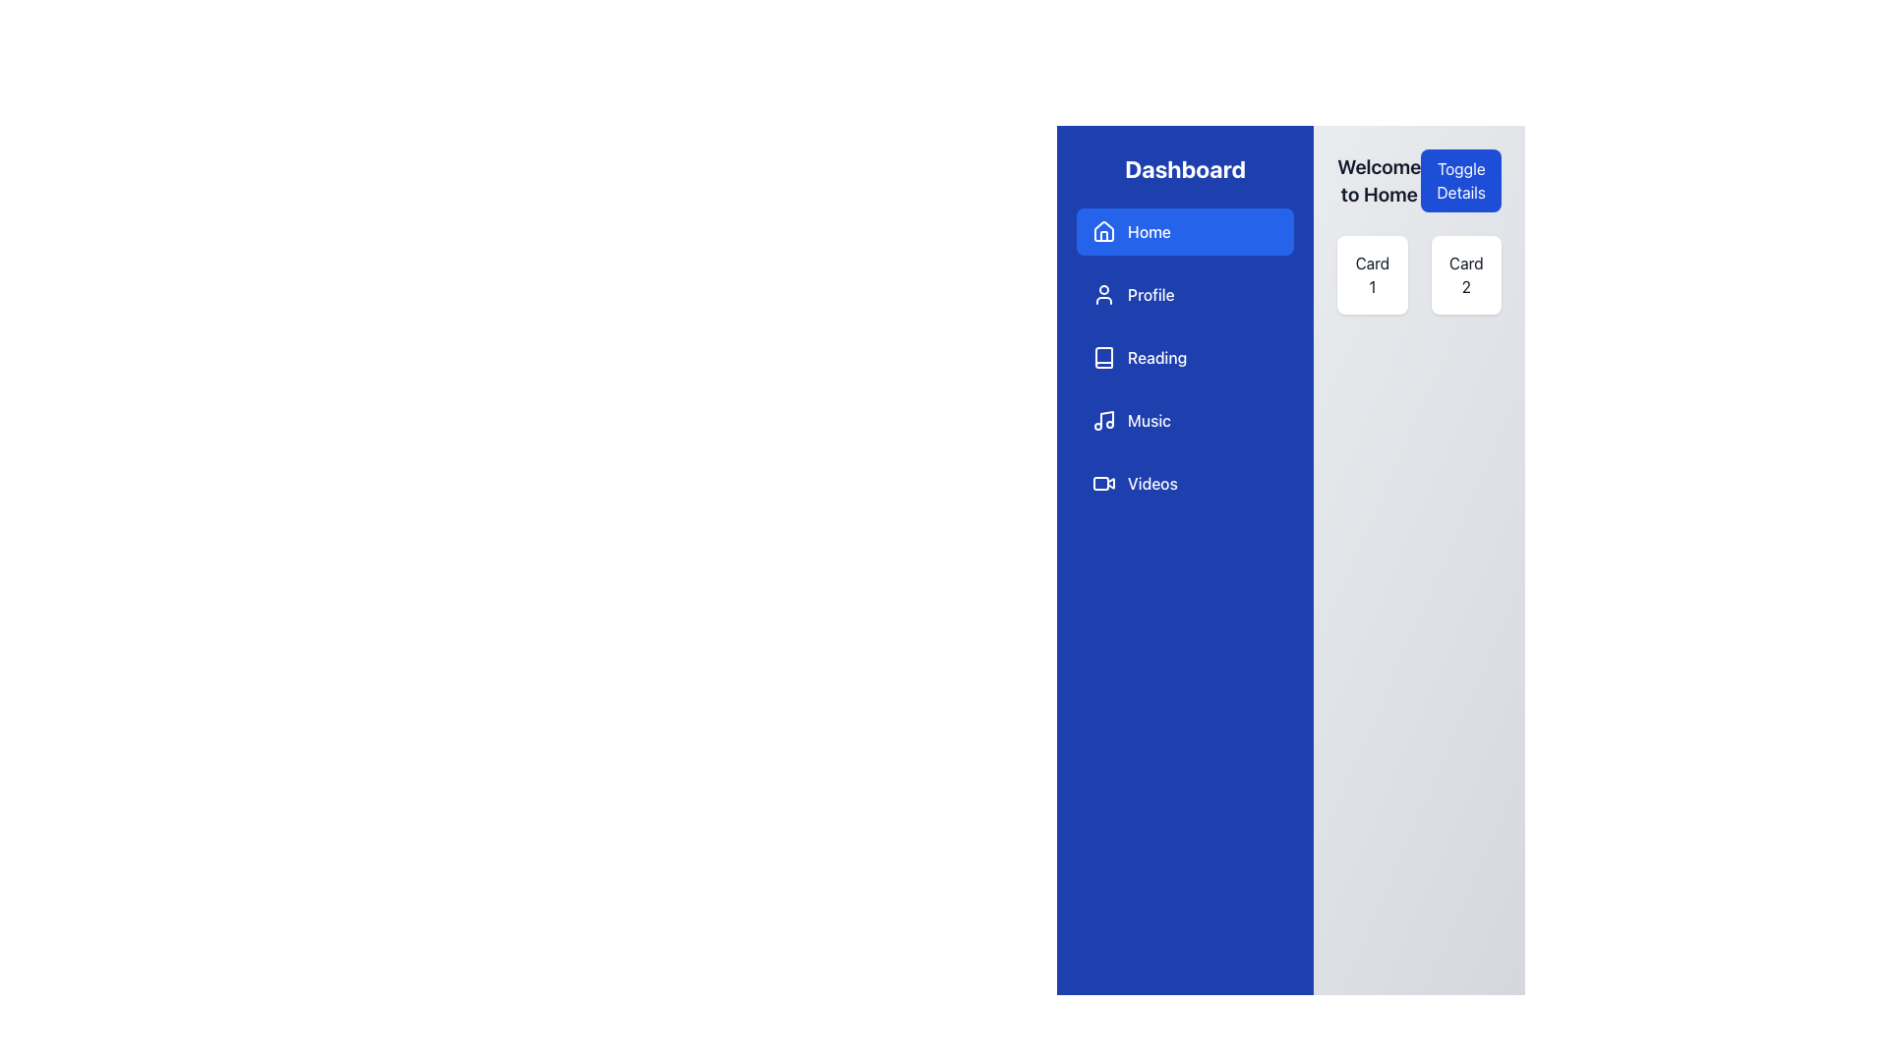  I want to click on the 'Music' navigation icon located in the vertical menu, which serves as the visual indicator for the 'Music' option, so click(1104, 420).